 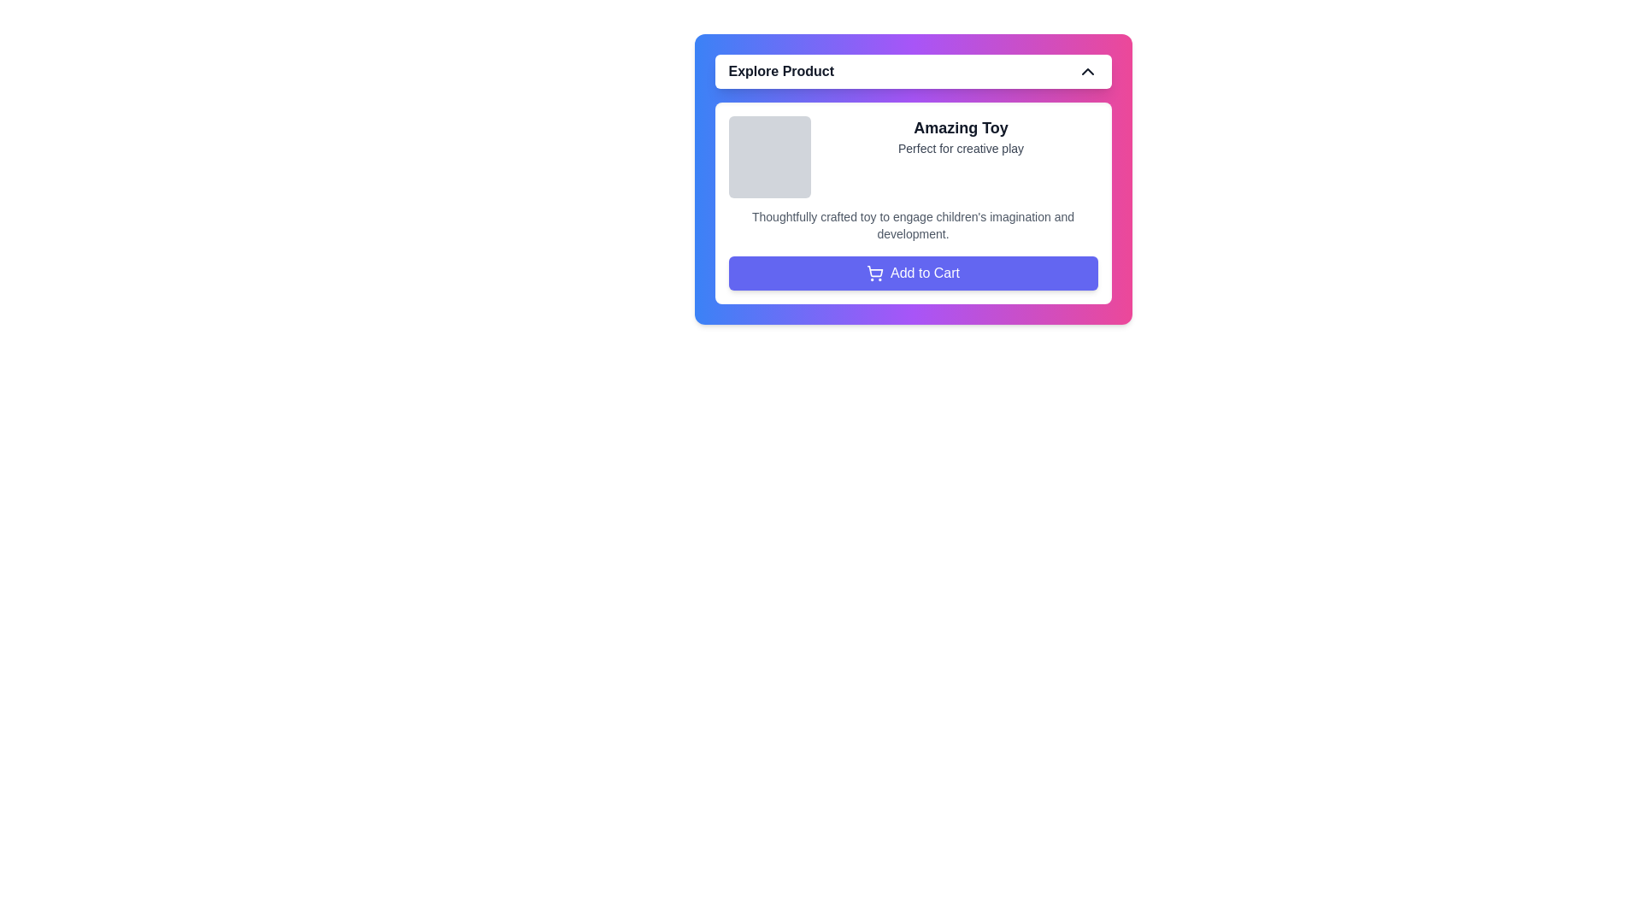 What do you see at coordinates (961, 157) in the screenshot?
I see `the text block displaying the product's title and subtitle, which is located in the upper right area of the card-like structure` at bounding box center [961, 157].